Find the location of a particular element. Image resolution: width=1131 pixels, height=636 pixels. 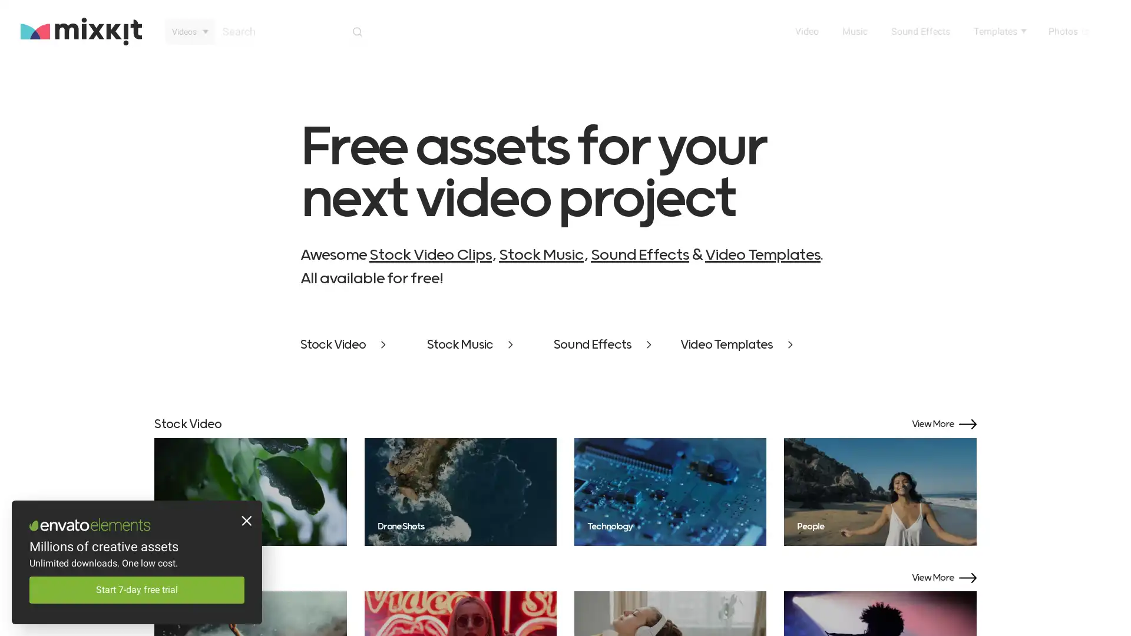

Search is located at coordinates (356, 31).